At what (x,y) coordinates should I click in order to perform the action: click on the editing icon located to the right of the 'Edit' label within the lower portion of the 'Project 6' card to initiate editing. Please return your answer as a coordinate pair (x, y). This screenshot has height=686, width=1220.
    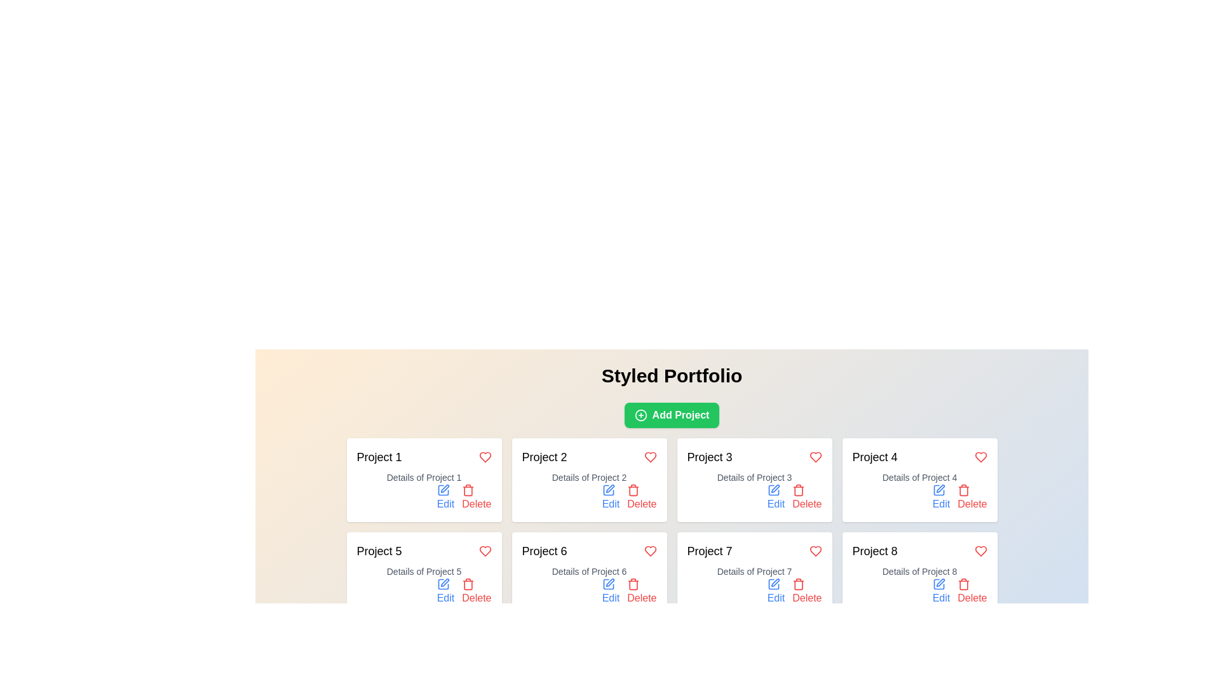
    Looking at the image, I should click on (607, 584).